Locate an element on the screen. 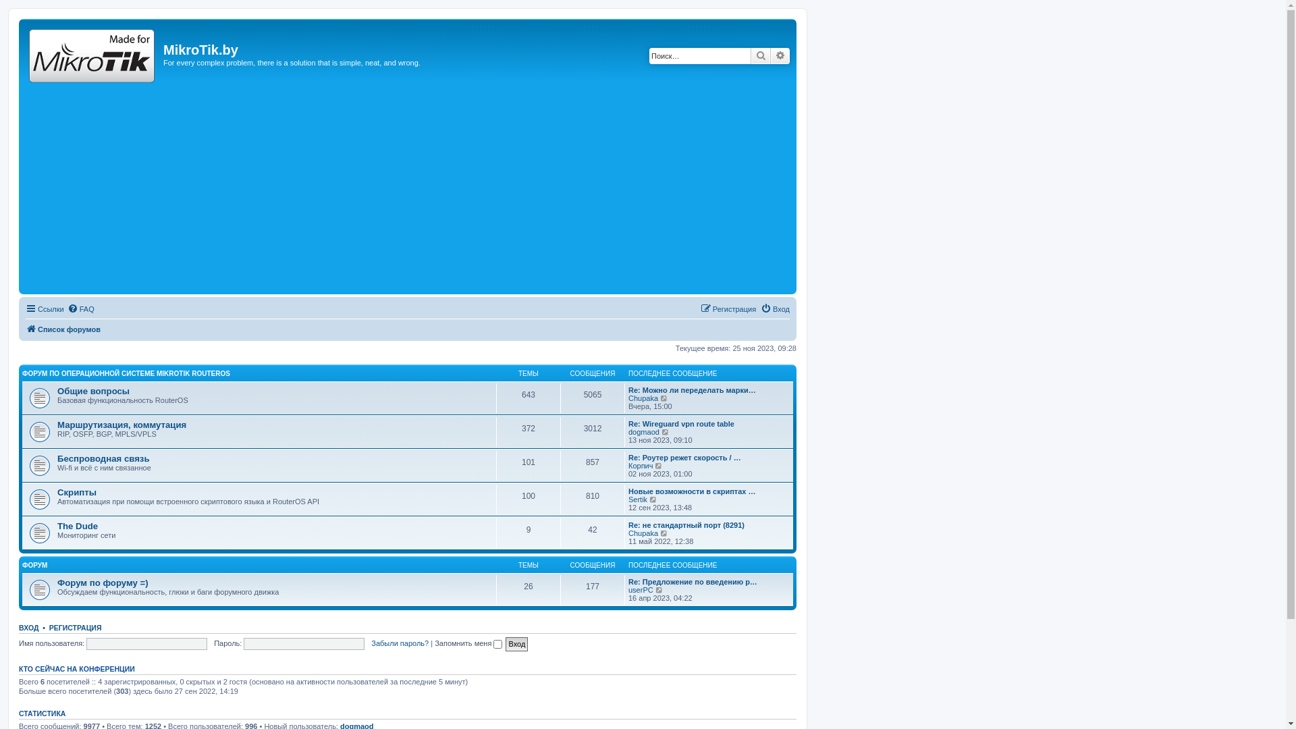  'FAQ' is located at coordinates (80, 309).